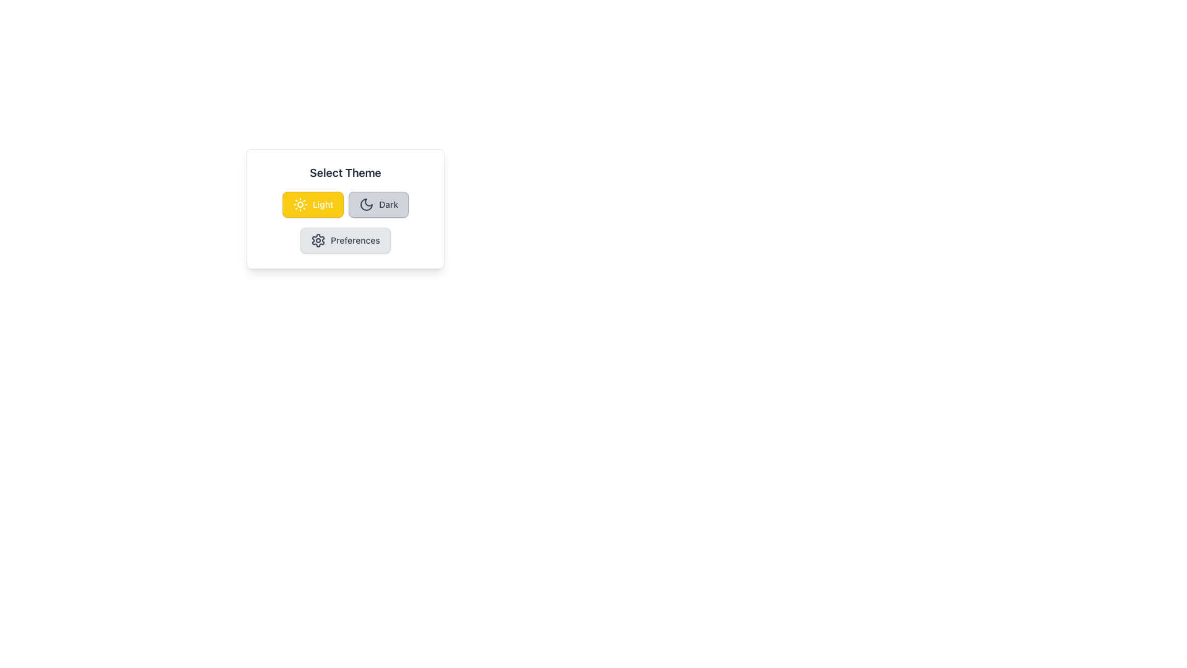 The image size is (1187, 668). What do you see at coordinates (345, 241) in the screenshot?
I see `the third interactive button in the 'Select Theme' box to activate keyboard navigation` at bounding box center [345, 241].